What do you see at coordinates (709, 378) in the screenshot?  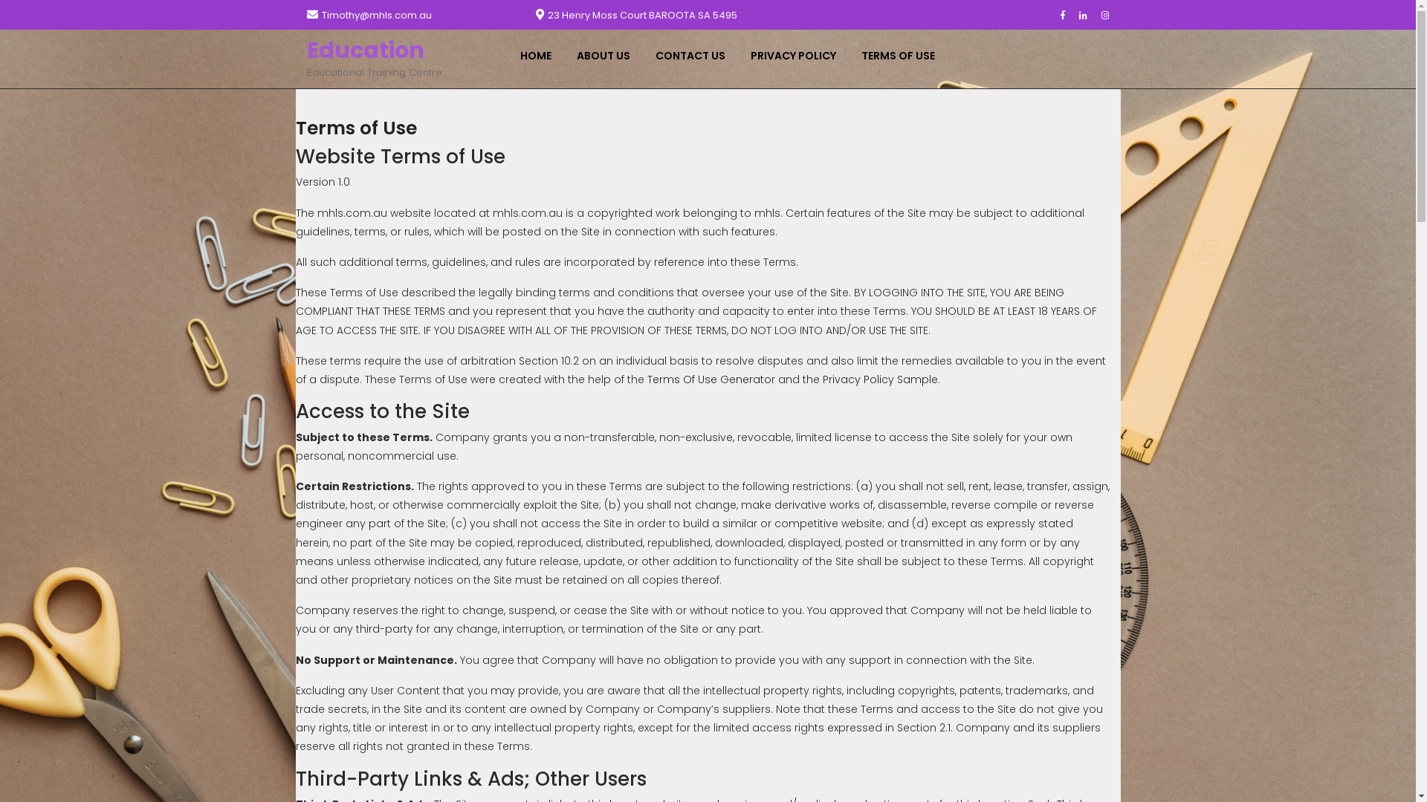 I see `'Terms Of Use Generator'` at bounding box center [709, 378].